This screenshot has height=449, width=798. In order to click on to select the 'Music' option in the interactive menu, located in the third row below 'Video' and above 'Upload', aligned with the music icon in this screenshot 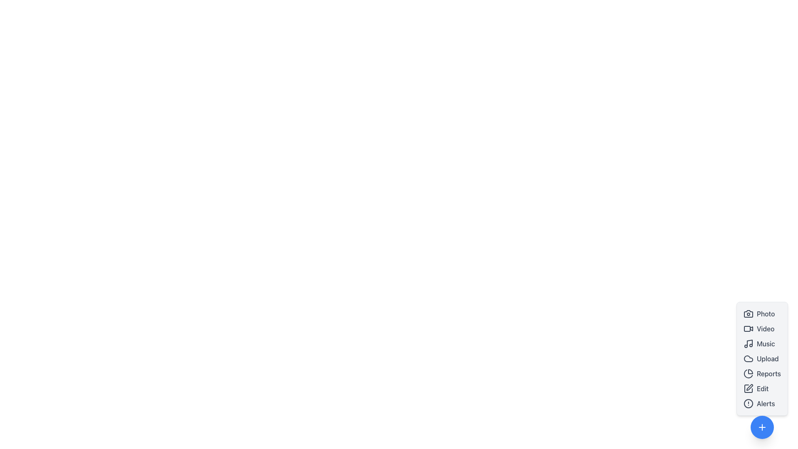, I will do `click(765, 343)`.